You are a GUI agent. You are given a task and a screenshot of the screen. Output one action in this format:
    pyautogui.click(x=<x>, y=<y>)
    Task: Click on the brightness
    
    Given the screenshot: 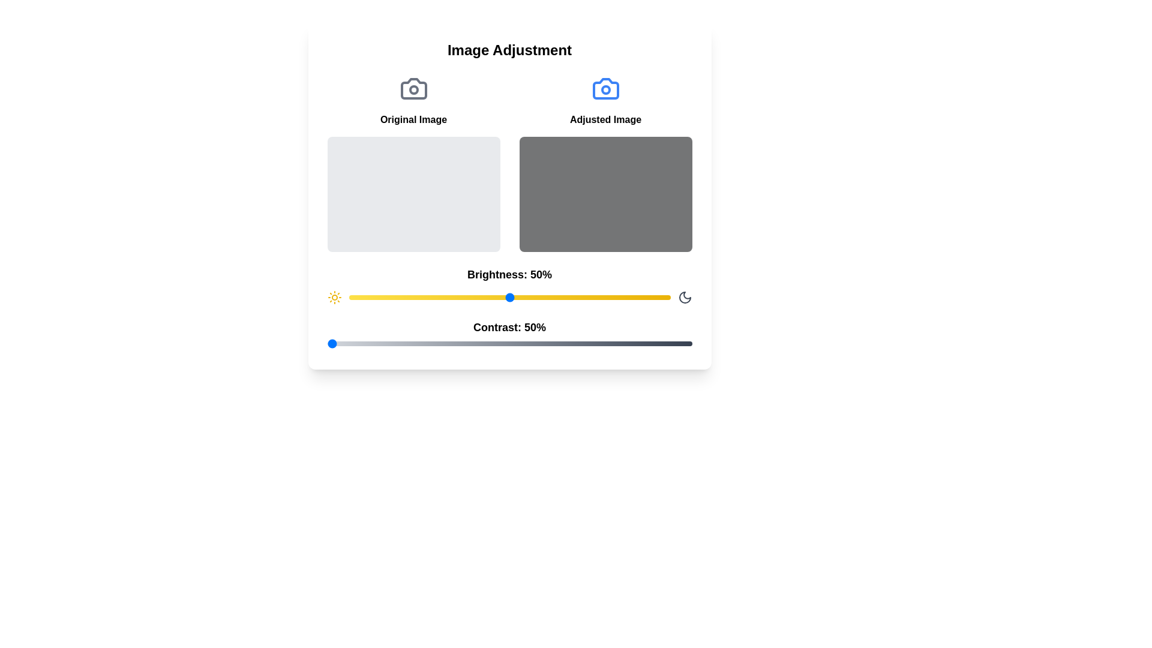 What is the action you would take?
    pyautogui.click(x=512, y=297)
    